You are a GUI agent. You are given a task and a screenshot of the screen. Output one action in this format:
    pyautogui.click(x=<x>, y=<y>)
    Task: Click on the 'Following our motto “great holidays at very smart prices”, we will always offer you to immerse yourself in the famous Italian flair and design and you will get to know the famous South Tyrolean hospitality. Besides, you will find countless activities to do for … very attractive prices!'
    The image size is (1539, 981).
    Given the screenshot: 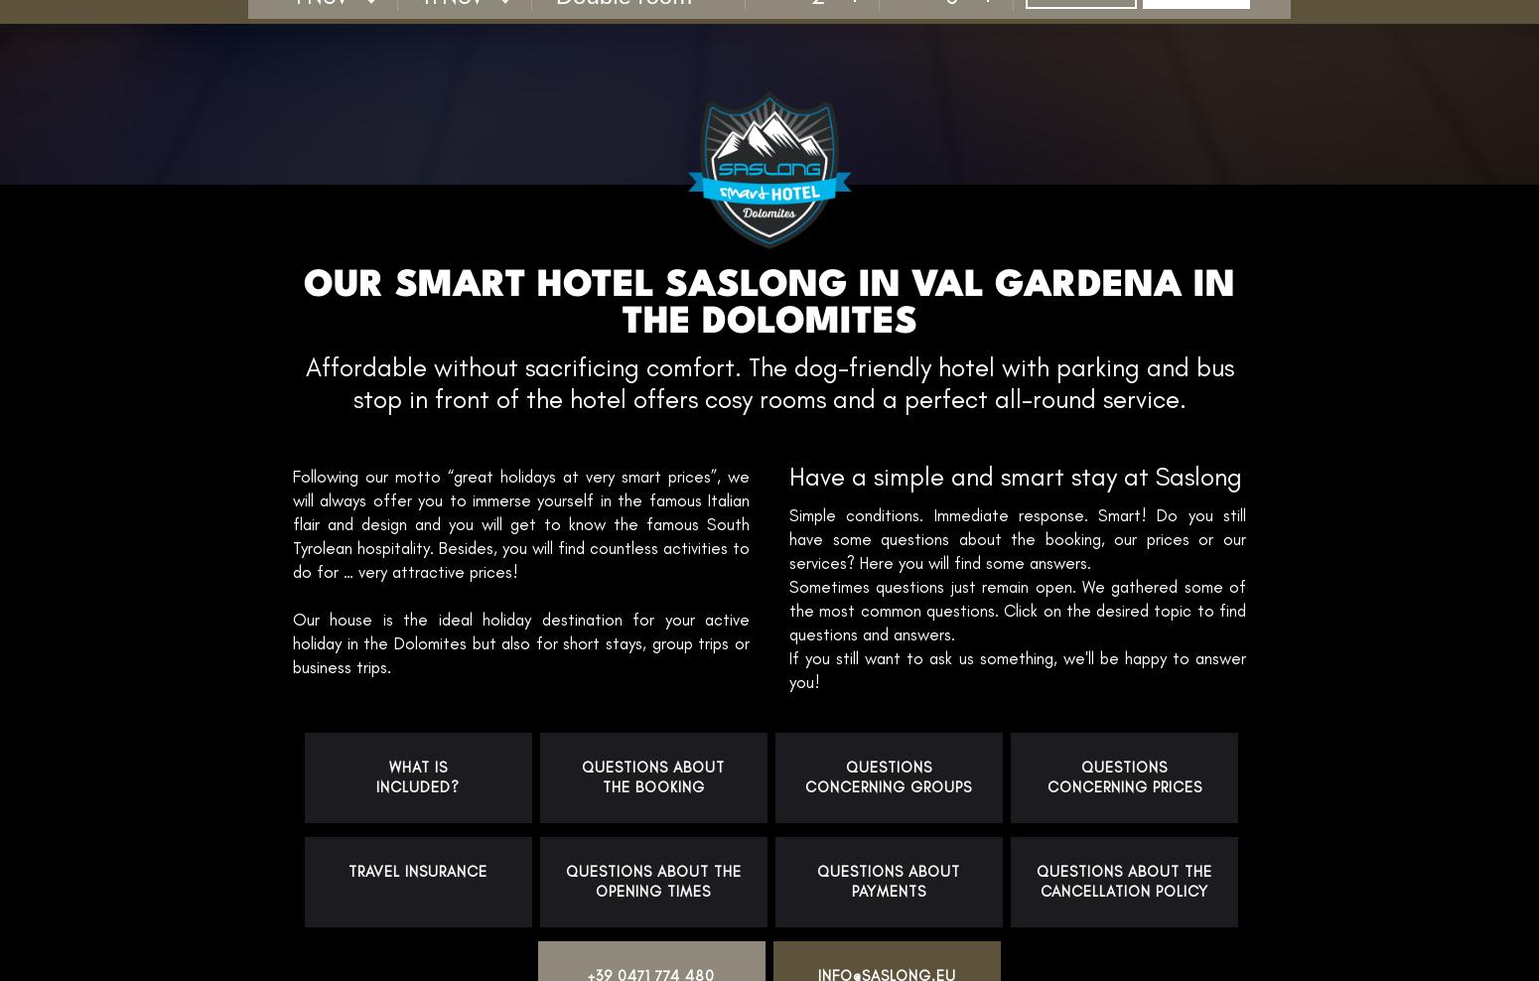 What is the action you would take?
    pyautogui.click(x=519, y=521)
    